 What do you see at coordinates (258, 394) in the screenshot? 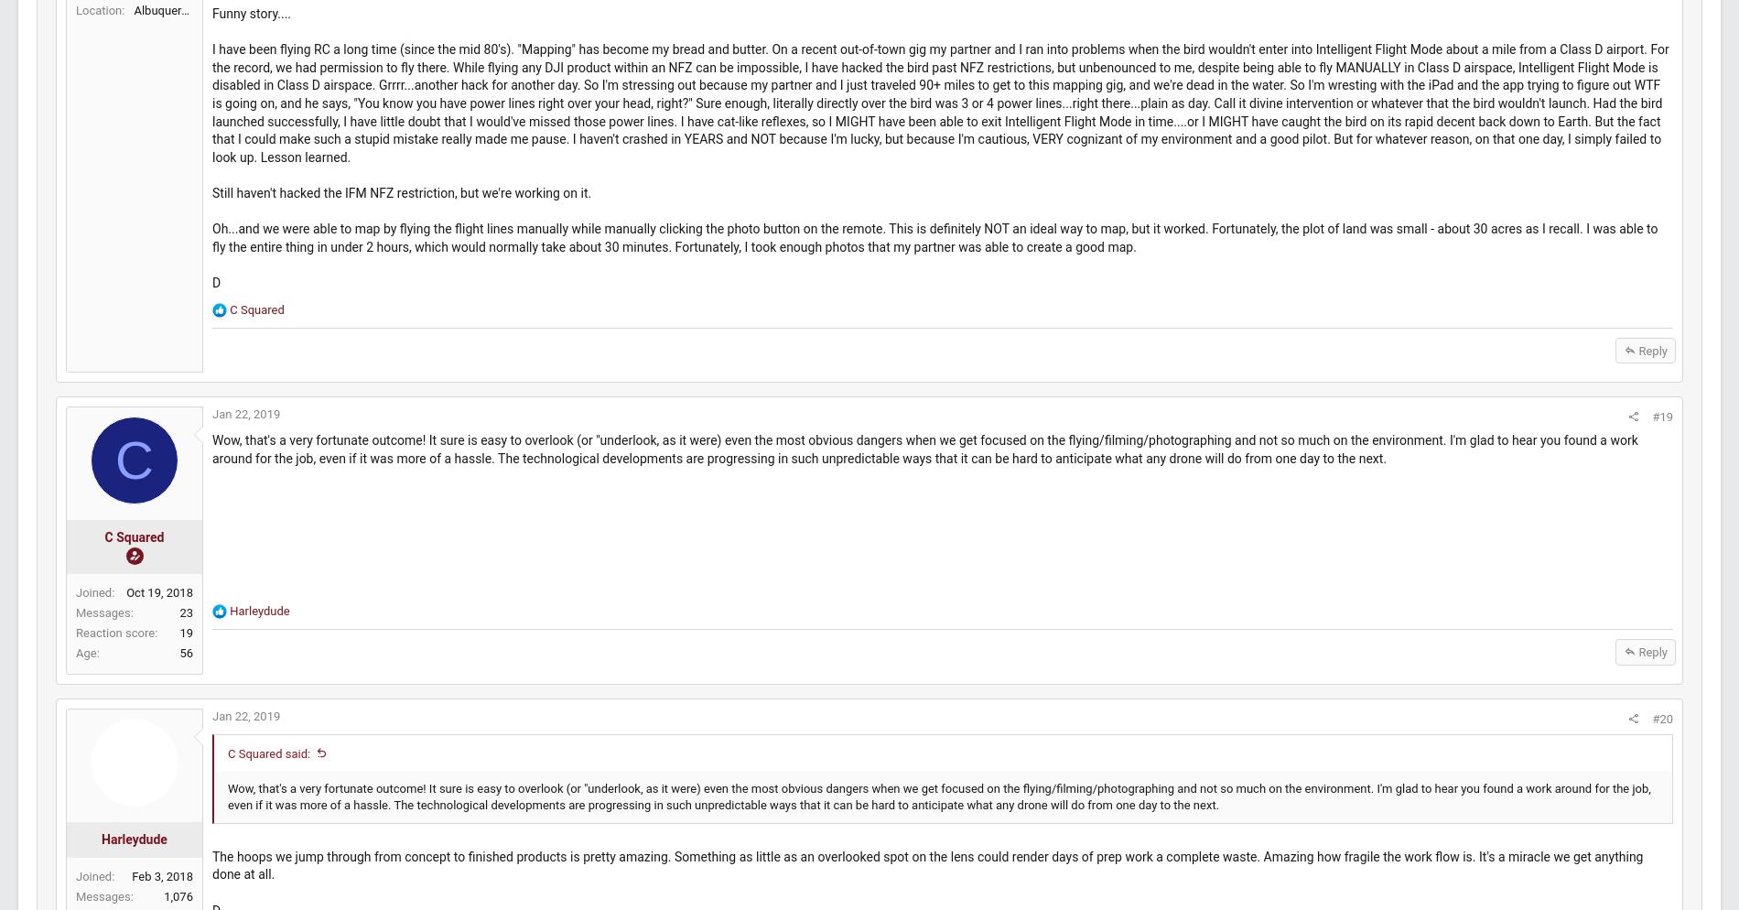
I see `'D'` at bounding box center [258, 394].